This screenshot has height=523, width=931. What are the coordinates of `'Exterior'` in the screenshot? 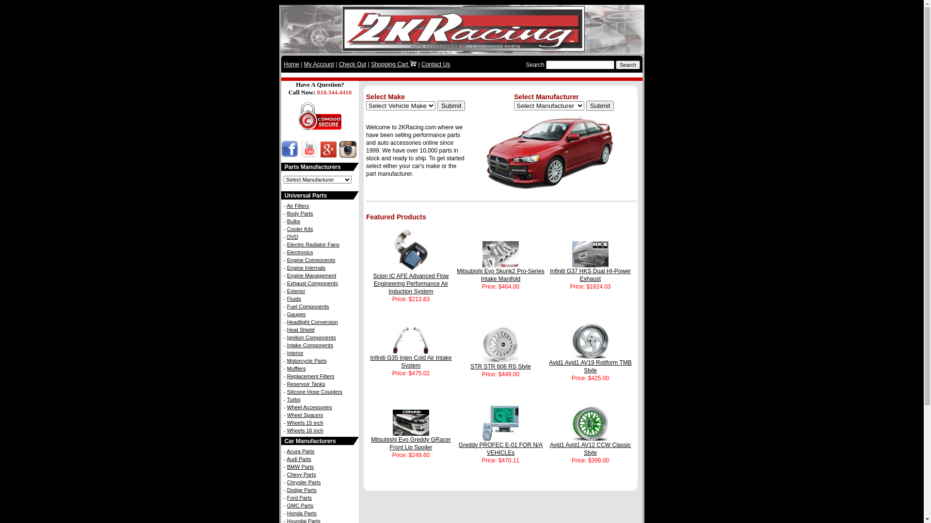 It's located at (295, 291).